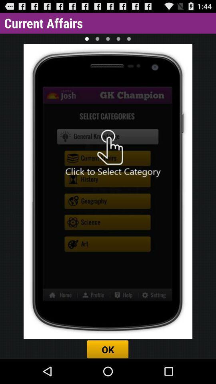 The width and height of the screenshot is (216, 384). What do you see at coordinates (108, 41) in the screenshot?
I see `the national_flag icon` at bounding box center [108, 41].